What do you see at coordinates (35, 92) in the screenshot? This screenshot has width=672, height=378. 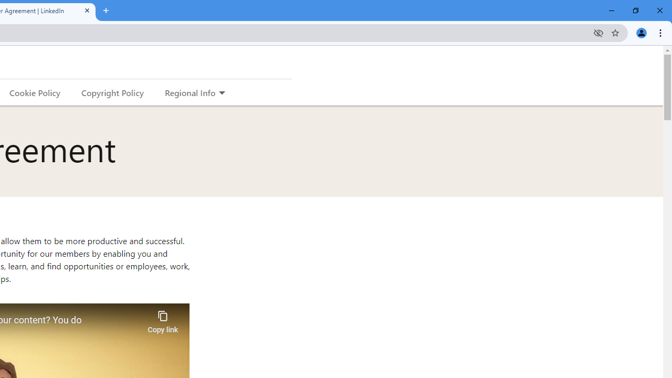 I see `'Cookie Policy'` at bounding box center [35, 92].